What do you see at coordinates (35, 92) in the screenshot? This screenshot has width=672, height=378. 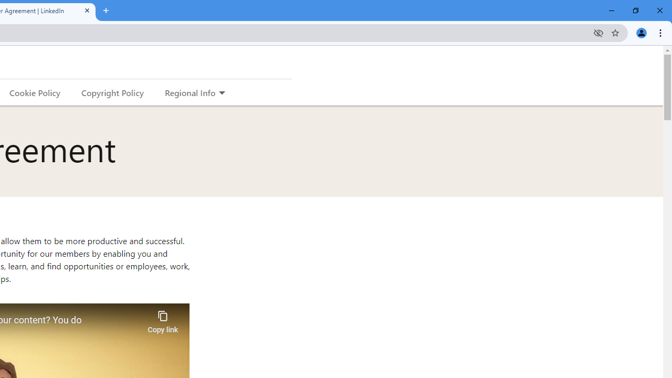 I see `'Cookie Policy'` at bounding box center [35, 92].